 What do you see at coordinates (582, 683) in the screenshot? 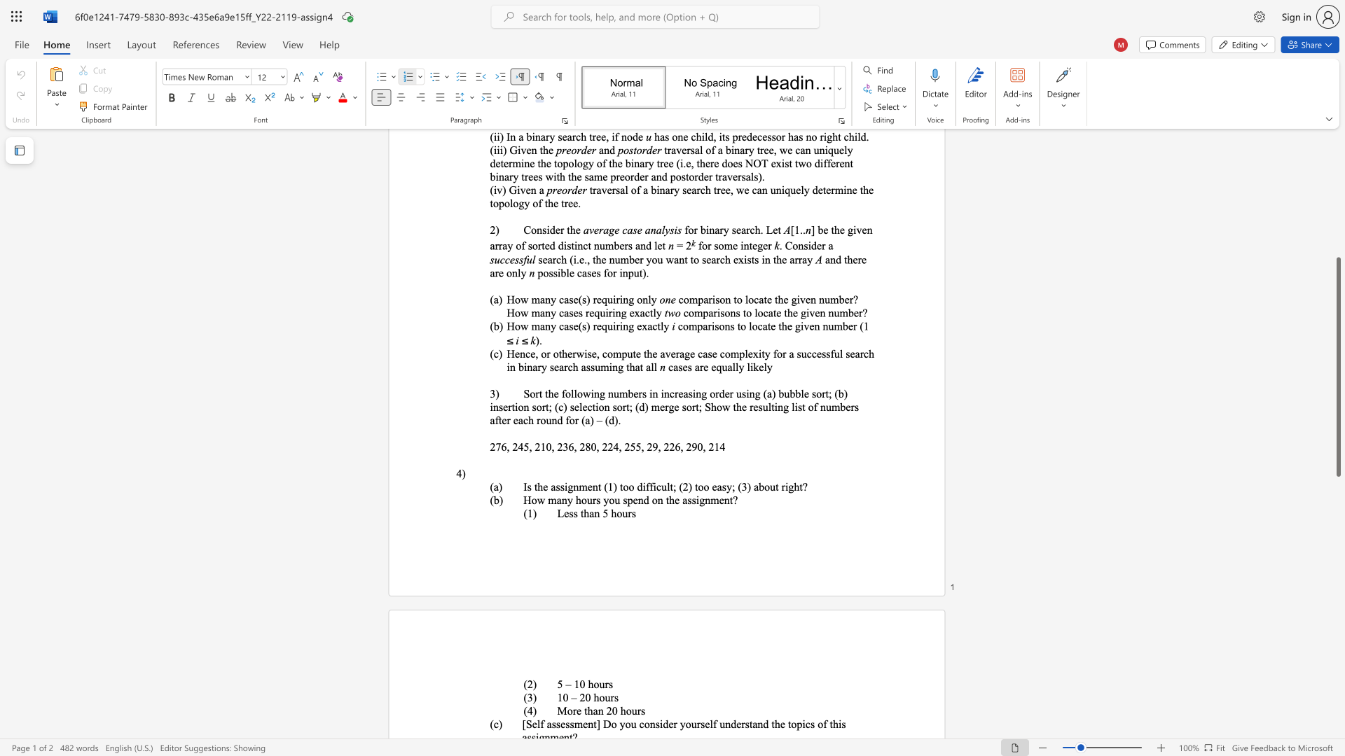
I see `the 1th character "0" in the text` at bounding box center [582, 683].